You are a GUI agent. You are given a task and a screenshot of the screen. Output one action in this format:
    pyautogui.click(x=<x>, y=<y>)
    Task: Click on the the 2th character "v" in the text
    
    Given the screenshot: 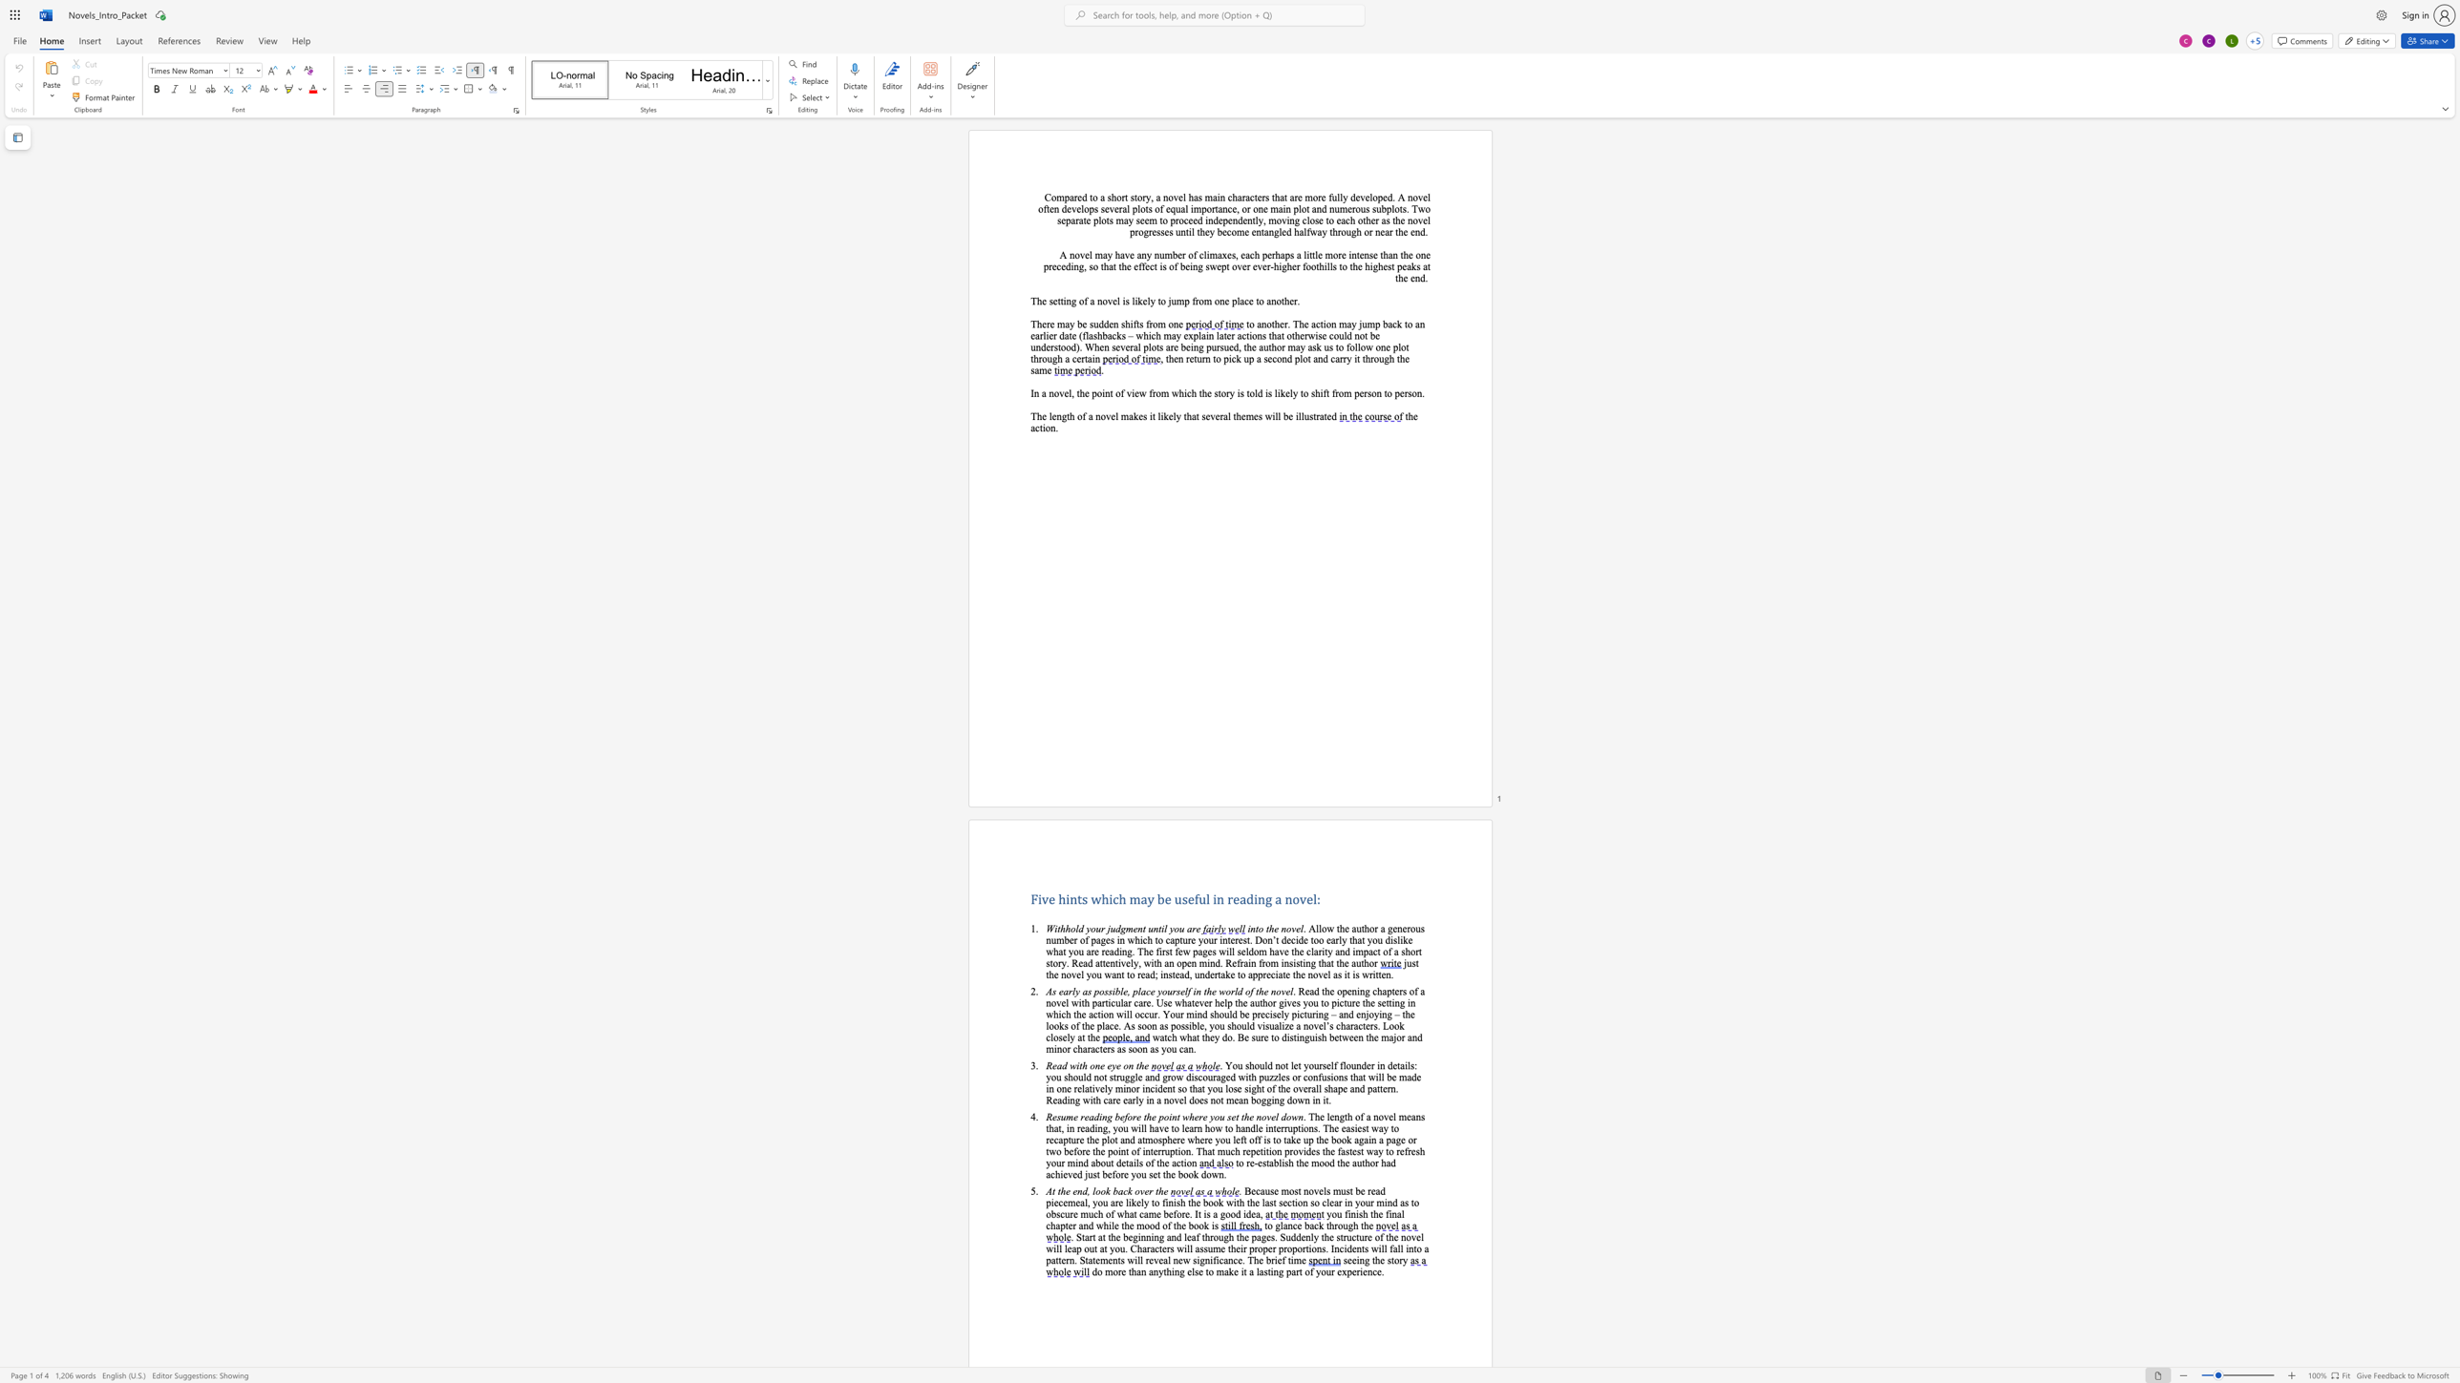 What is the action you would take?
    pyautogui.click(x=1420, y=220)
    